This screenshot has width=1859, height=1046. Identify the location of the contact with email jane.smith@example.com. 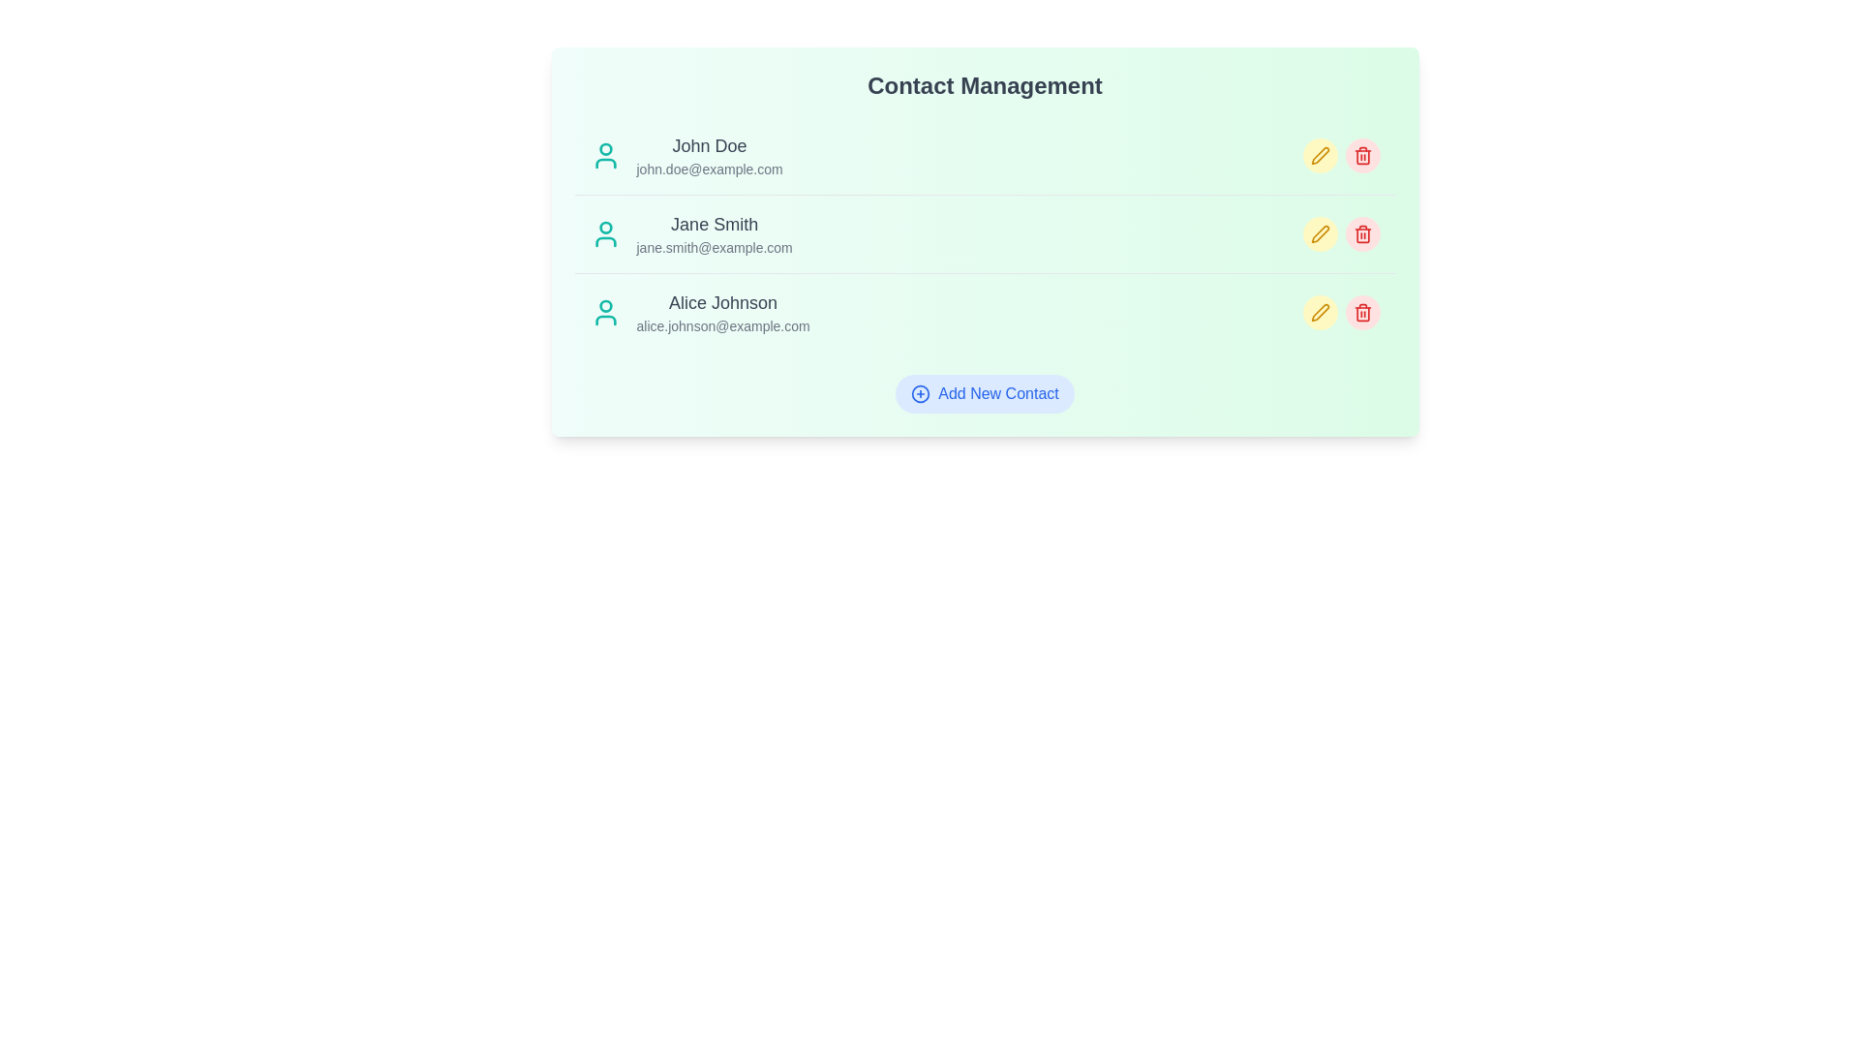
(714, 233).